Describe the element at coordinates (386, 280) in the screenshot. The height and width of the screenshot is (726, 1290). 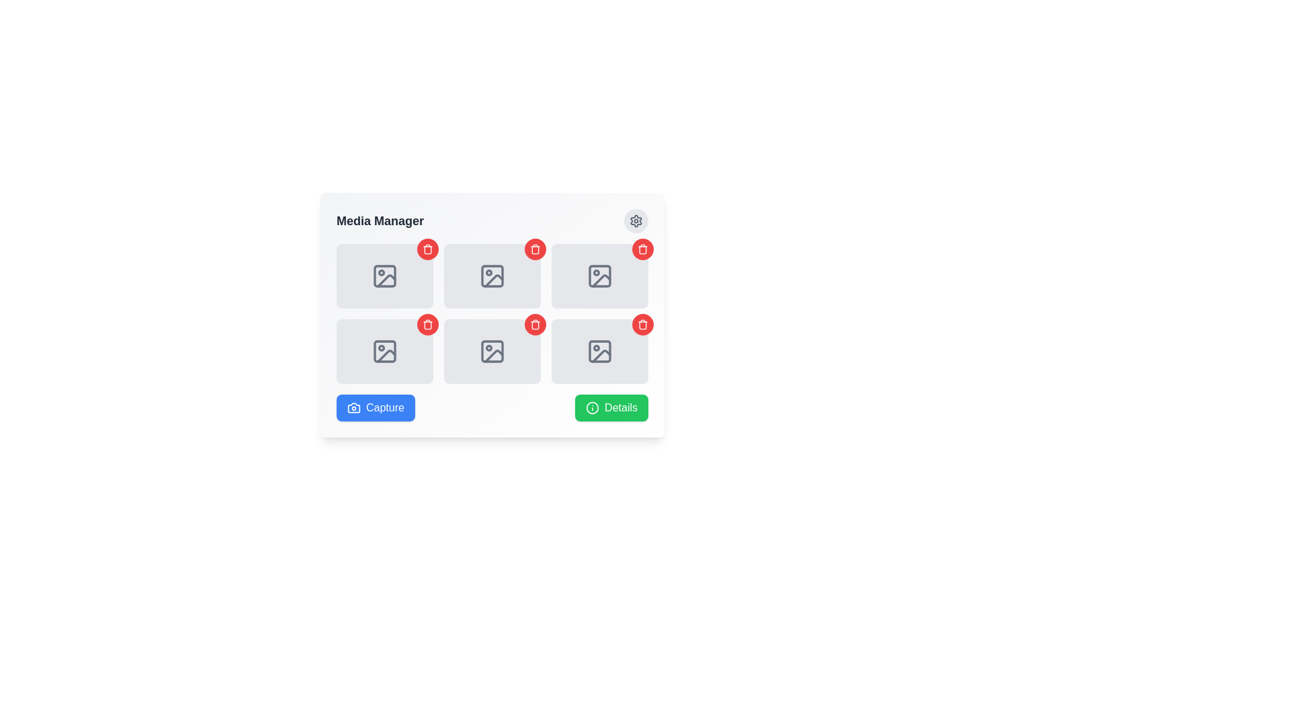
I see `the graphic icon representing the first image placeholder in the 'Media Manager' section, which features a diagonal line within a bounding square` at that location.